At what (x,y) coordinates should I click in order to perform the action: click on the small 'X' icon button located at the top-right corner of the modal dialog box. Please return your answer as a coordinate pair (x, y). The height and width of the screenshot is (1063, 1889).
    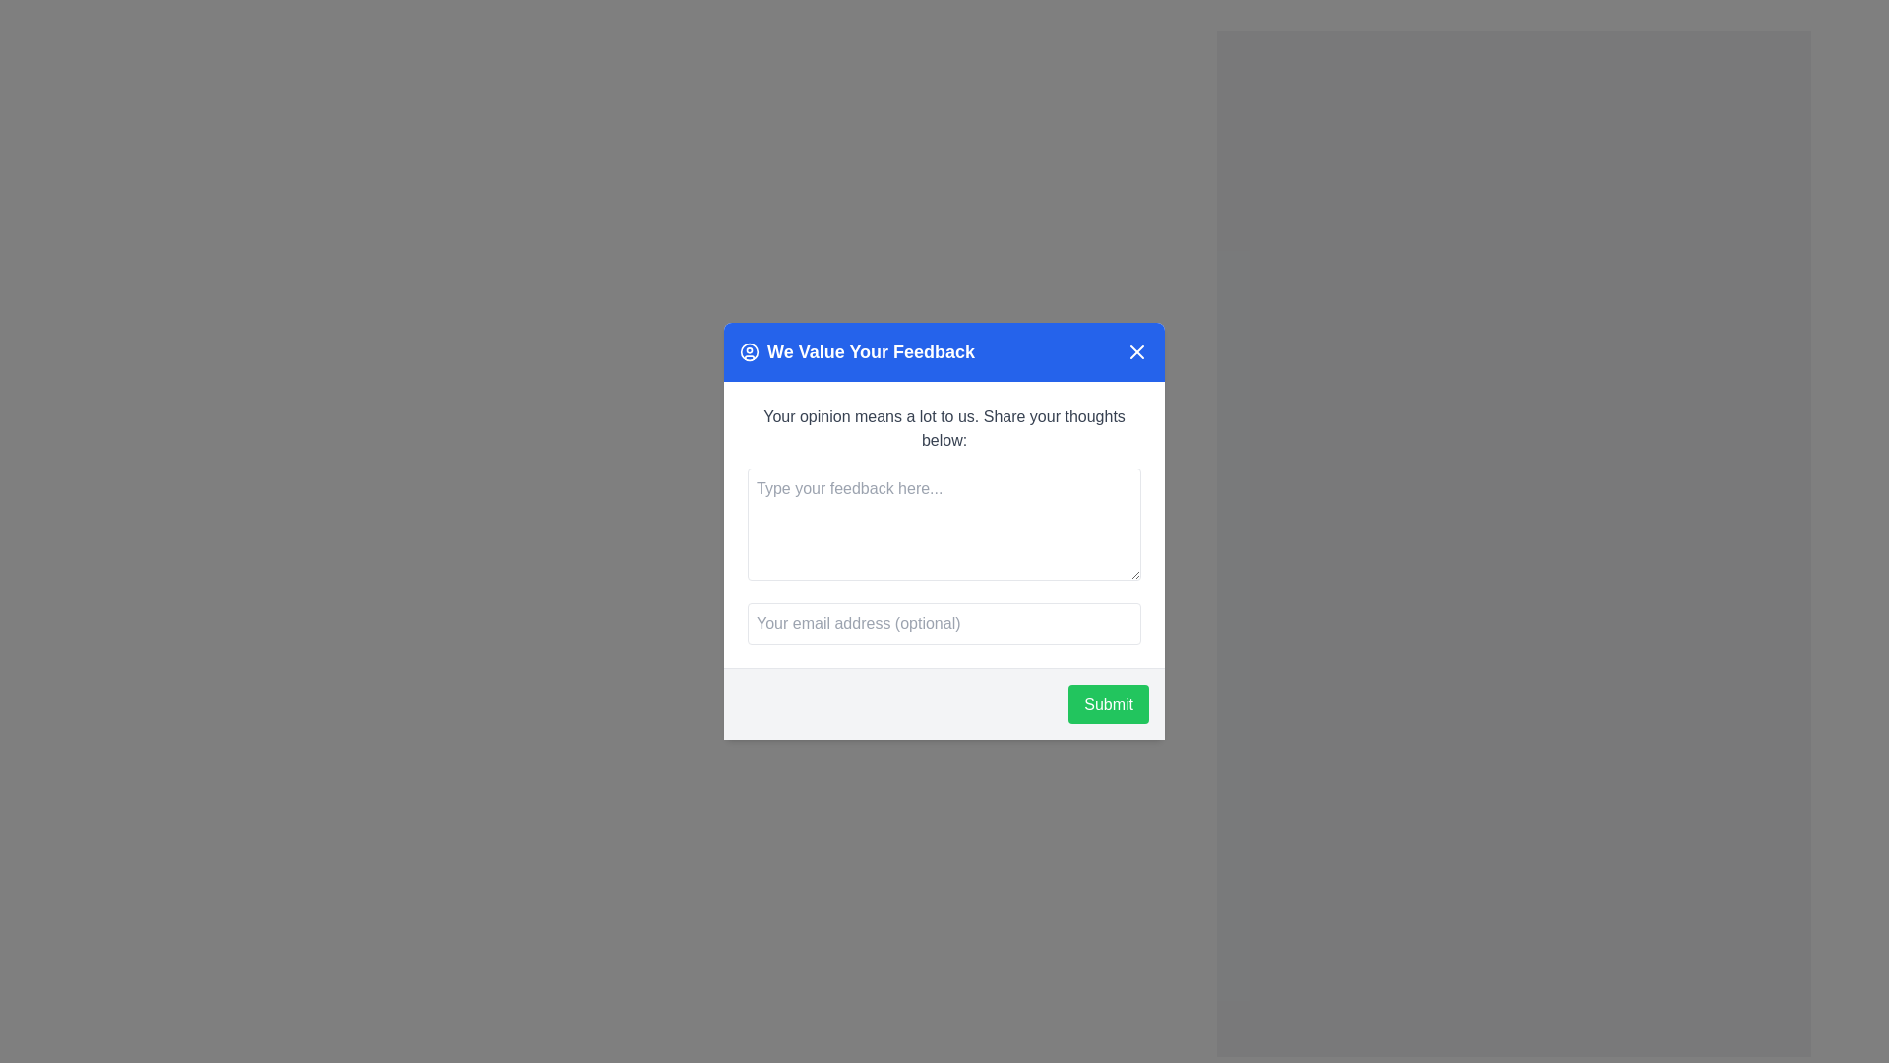
    Looking at the image, I should click on (1137, 351).